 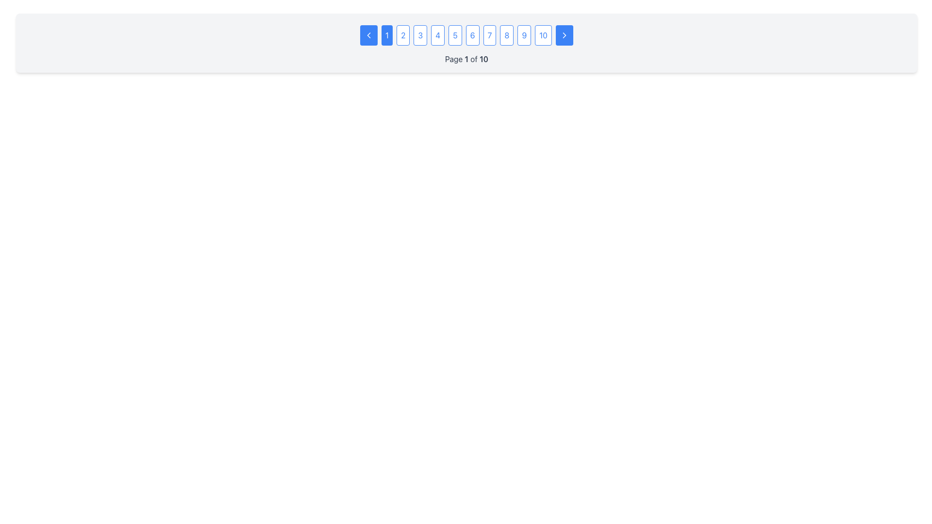 What do you see at coordinates (466, 59) in the screenshot?
I see `the bold numeral '1' in the pagination bar that displays 'Page 1 of 10'` at bounding box center [466, 59].